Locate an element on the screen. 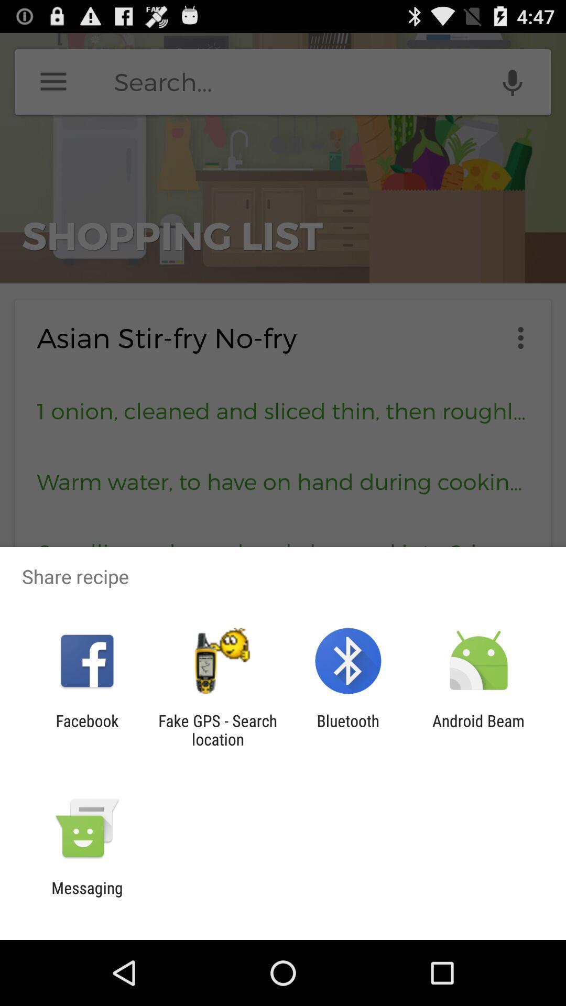 This screenshot has height=1006, width=566. the fake gps search app is located at coordinates (217, 729).